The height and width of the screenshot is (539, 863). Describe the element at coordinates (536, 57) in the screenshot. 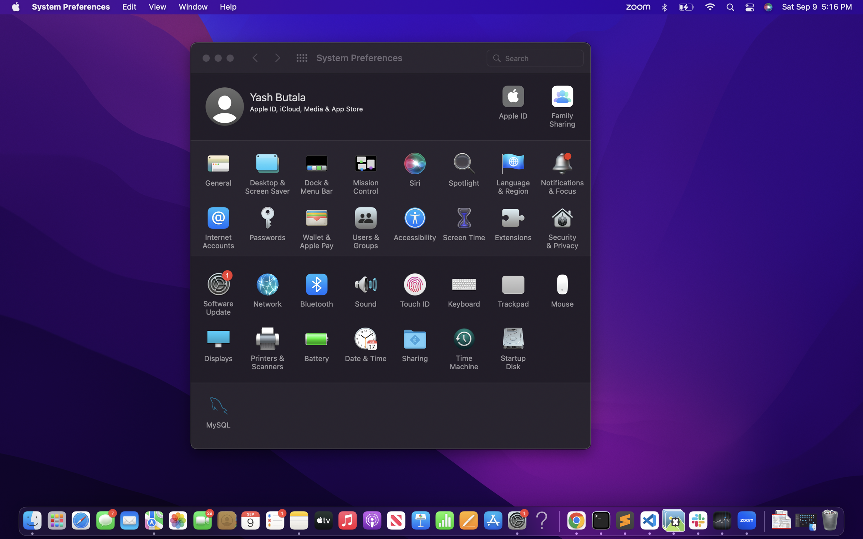

I see `Search for keyboard setting in search bar` at that location.